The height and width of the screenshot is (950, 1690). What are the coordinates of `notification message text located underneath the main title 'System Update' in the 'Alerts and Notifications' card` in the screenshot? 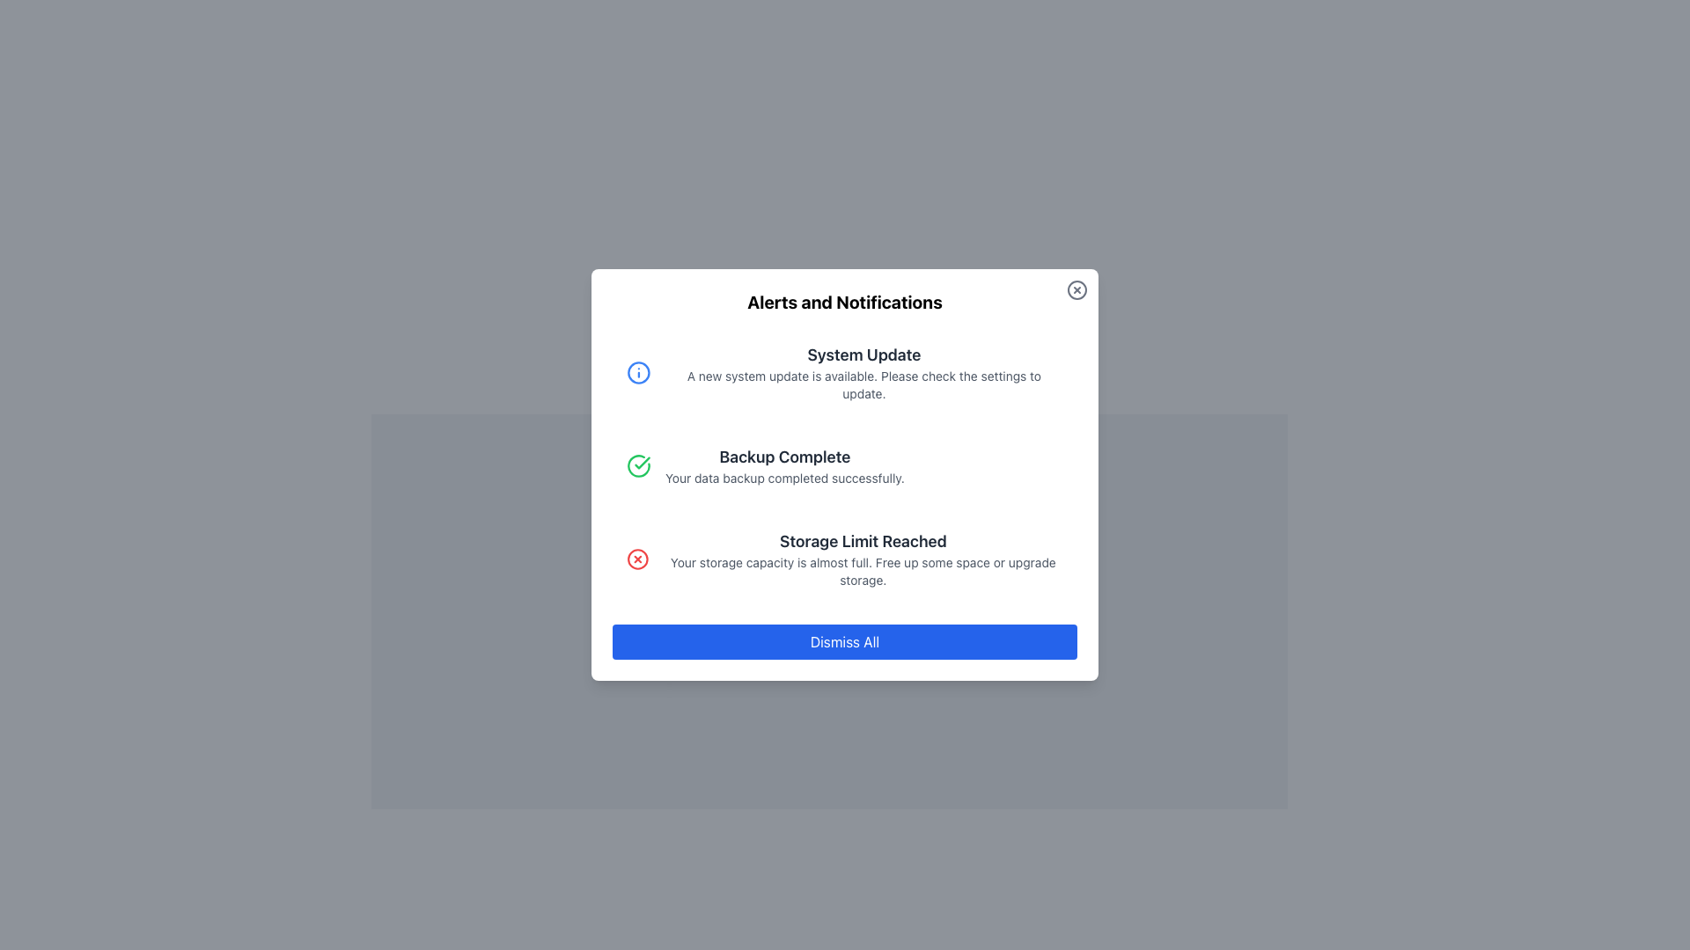 It's located at (863, 384).